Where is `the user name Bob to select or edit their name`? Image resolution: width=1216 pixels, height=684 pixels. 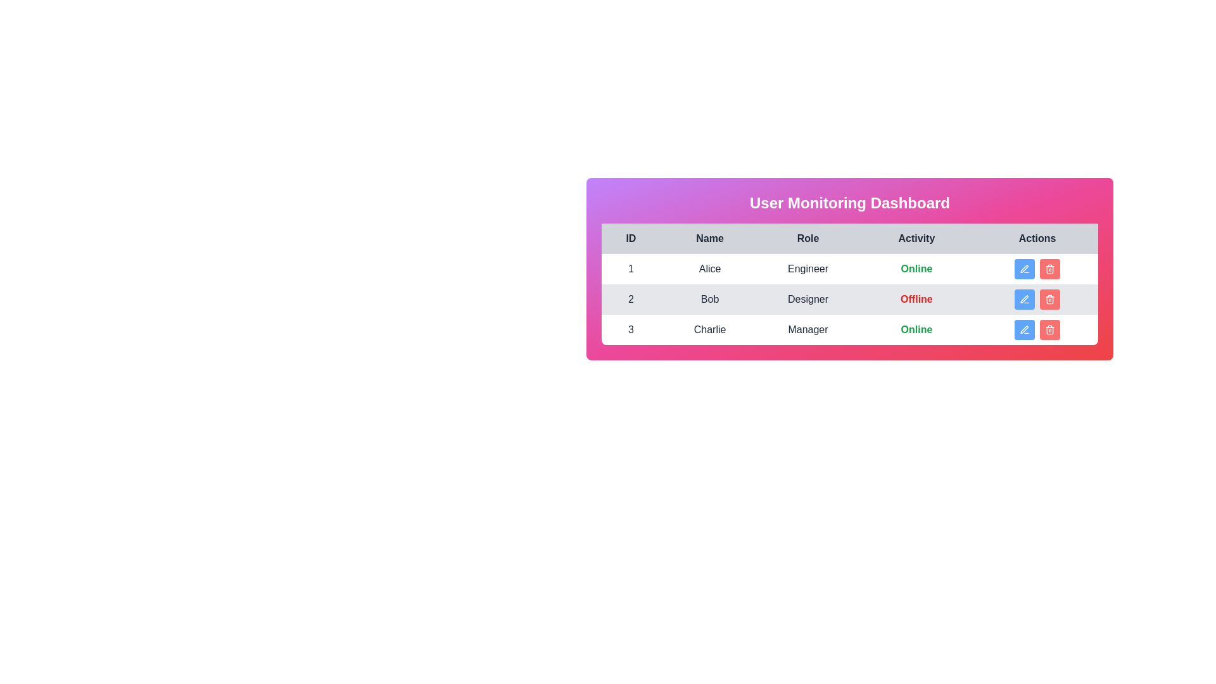 the user name Bob to select or edit their name is located at coordinates (710, 300).